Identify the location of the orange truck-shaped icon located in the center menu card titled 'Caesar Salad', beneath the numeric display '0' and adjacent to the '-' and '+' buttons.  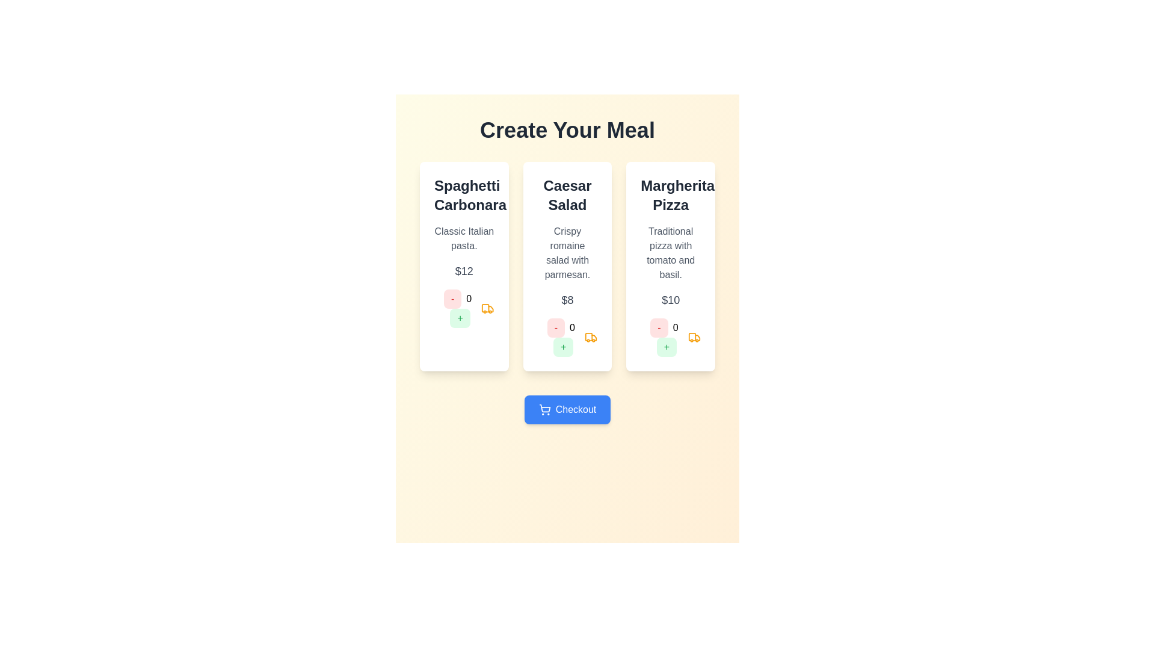
(591, 337).